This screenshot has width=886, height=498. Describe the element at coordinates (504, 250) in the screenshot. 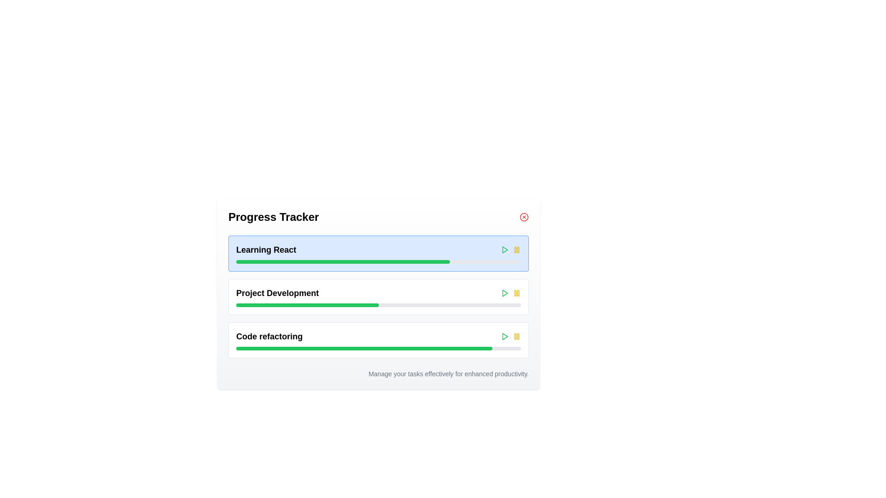

I see `the 'Play' button, which is the first interactive green triangle icon located to the far right of the 'Learning React' task bar` at that location.